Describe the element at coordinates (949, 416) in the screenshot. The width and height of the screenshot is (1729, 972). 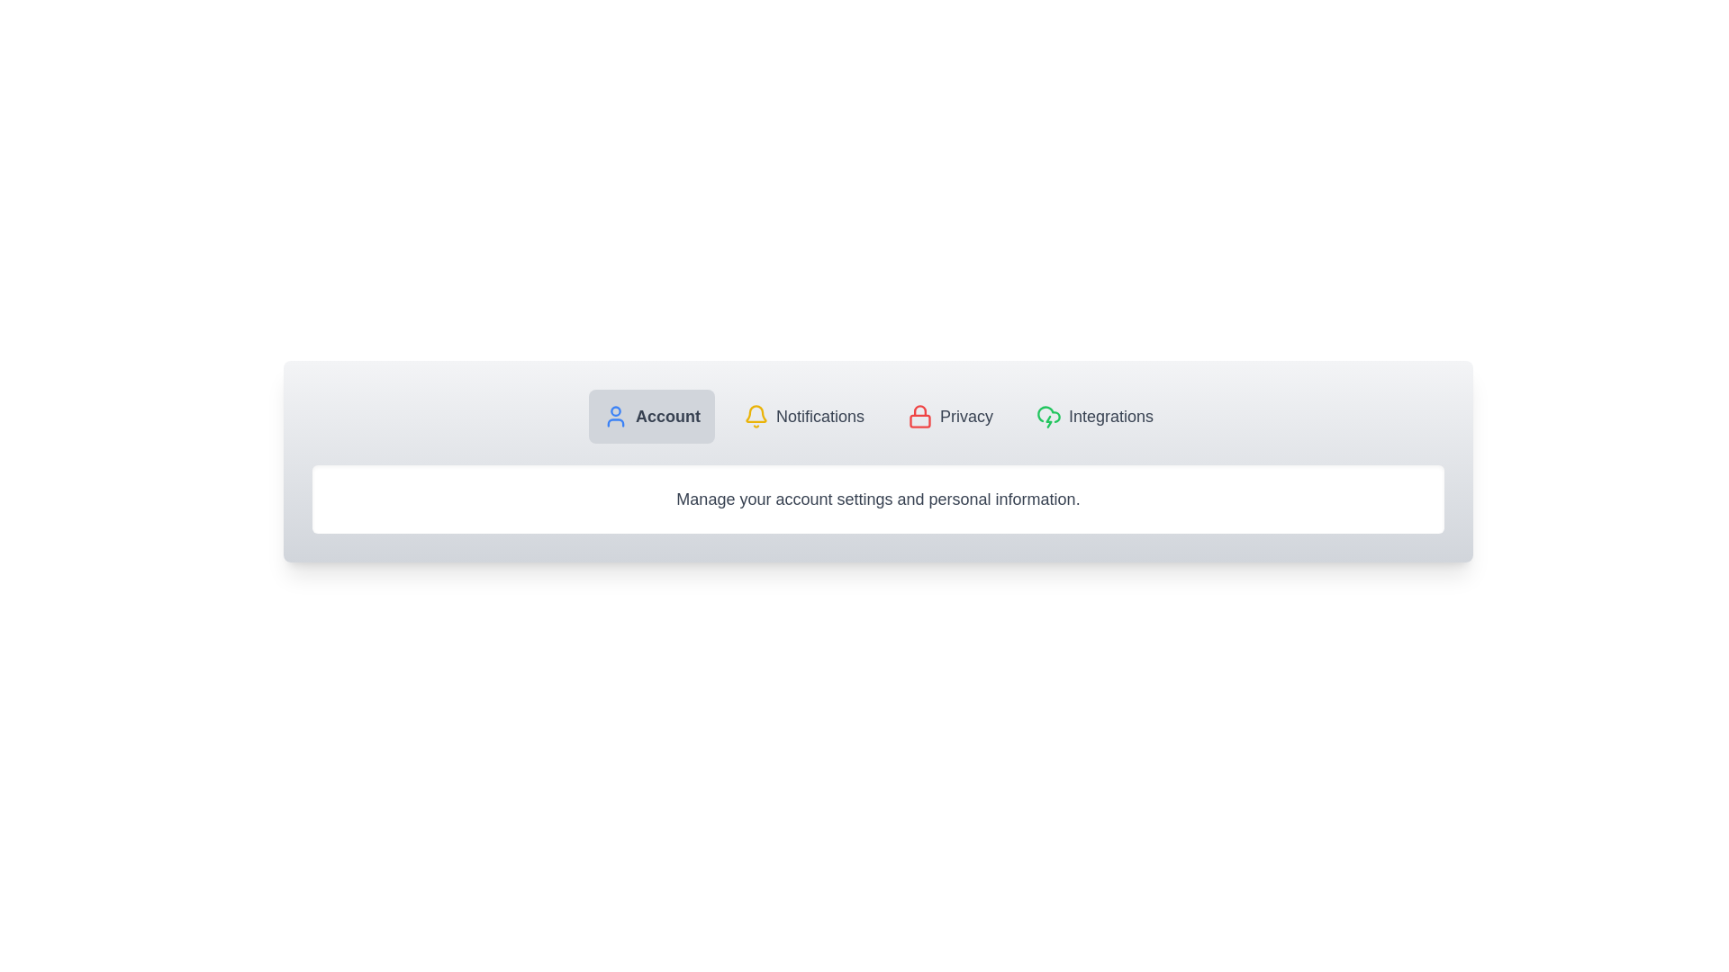
I see `the 'Privacy' button` at that location.